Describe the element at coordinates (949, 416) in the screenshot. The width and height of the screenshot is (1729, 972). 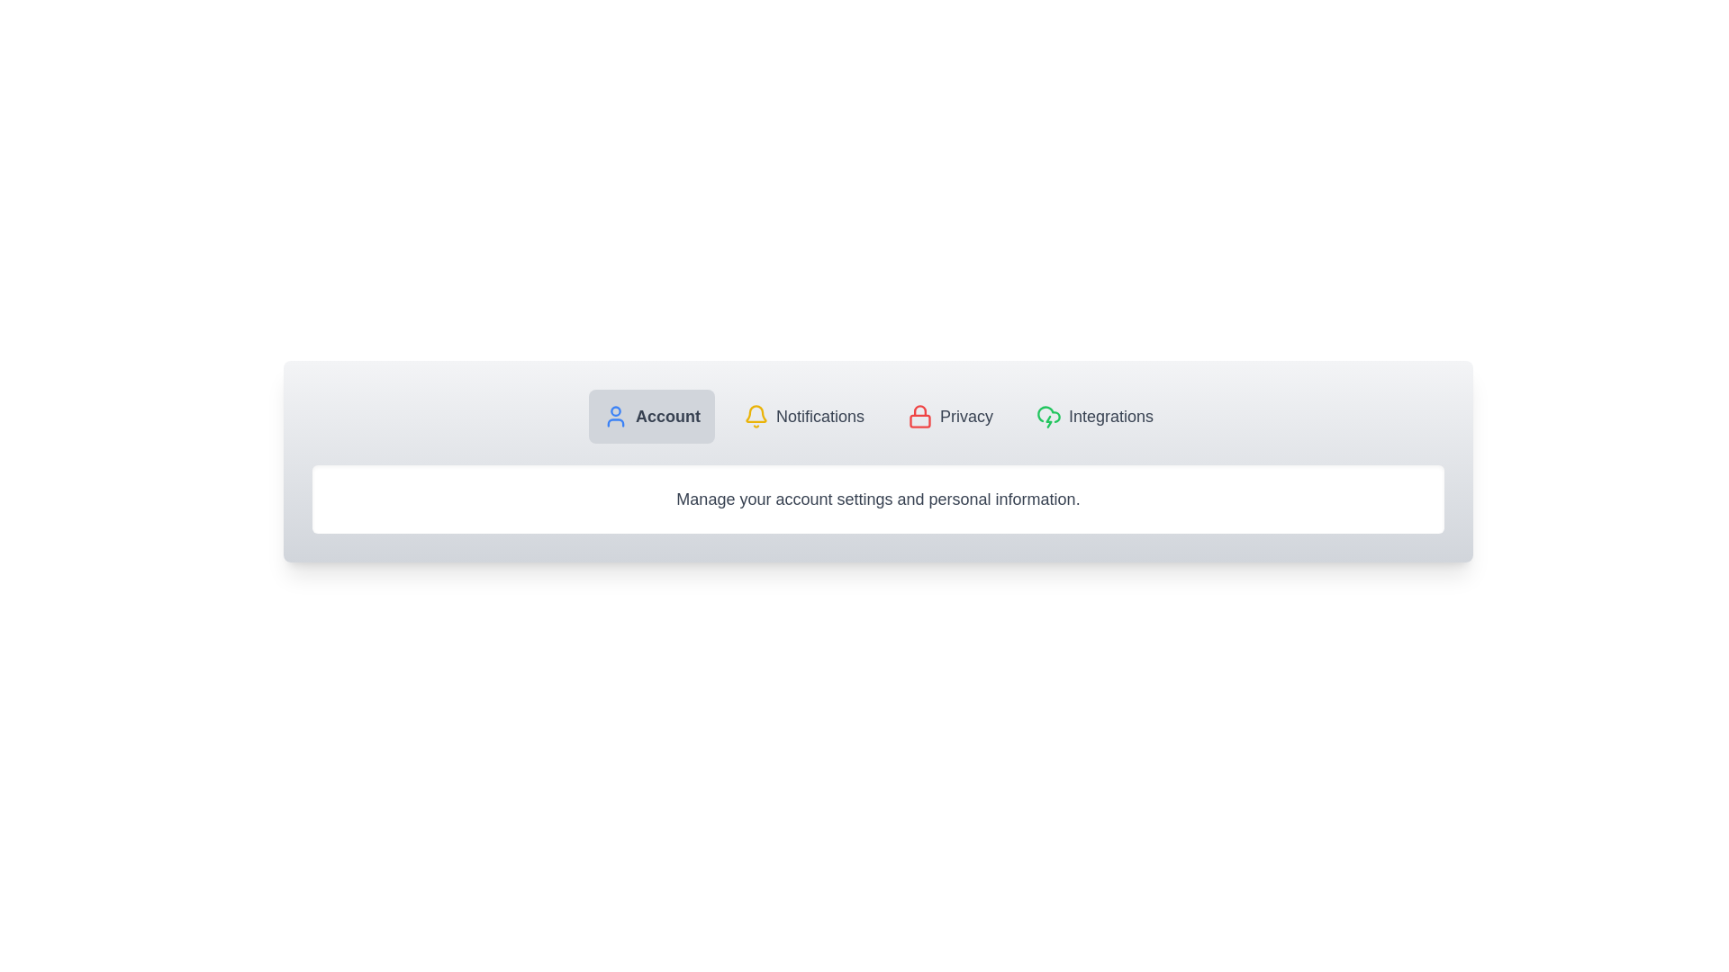
I see `the 'Privacy' button` at that location.